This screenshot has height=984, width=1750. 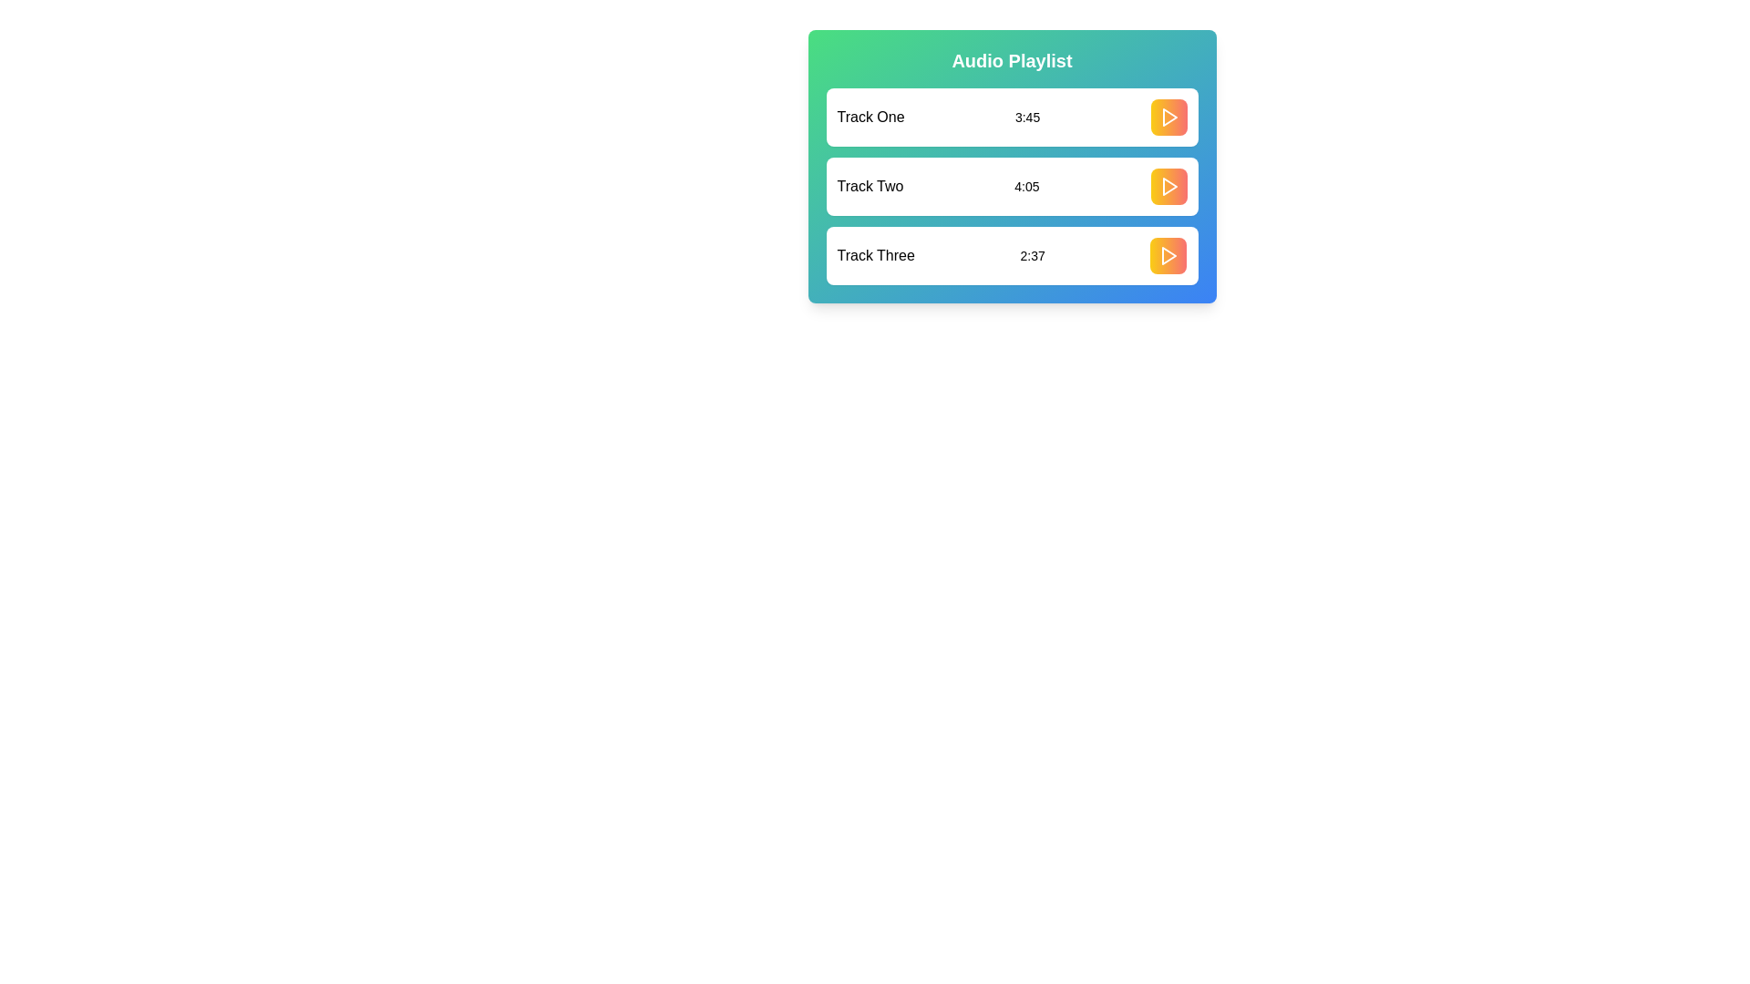 I want to click on the third Card-like component in the playlist that represents an audio track item, so click(x=1011, y=256).